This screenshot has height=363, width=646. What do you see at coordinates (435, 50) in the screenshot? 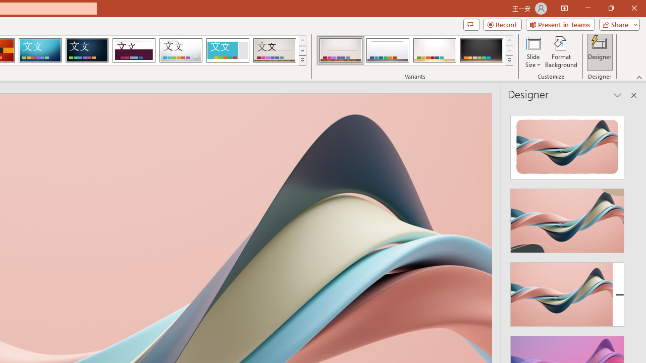
I see `'Gallery Variant 3'` at bounding box center [435, 50].